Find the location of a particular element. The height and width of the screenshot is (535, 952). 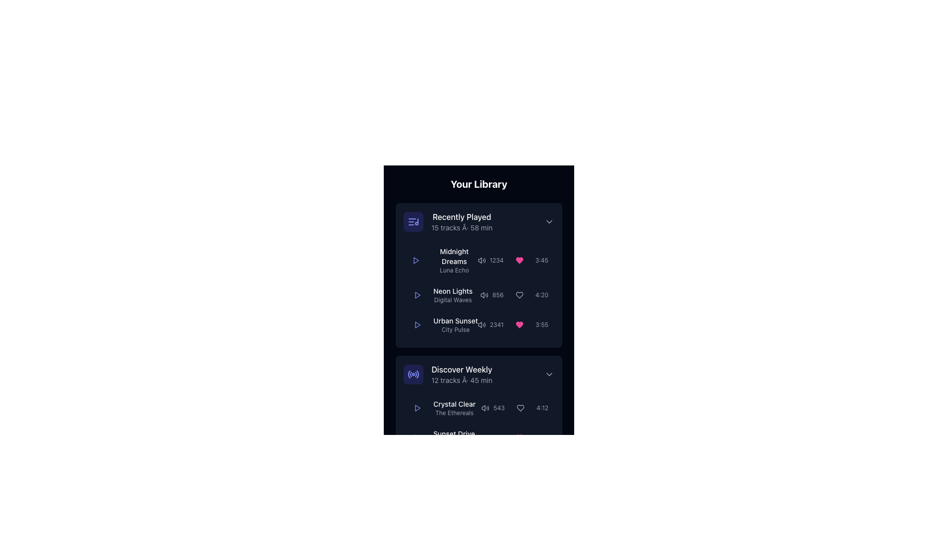

the 'like' icon button for the track 'Urban Sunset' in the 'Recently Played' section is located at coordinates (520, 408).